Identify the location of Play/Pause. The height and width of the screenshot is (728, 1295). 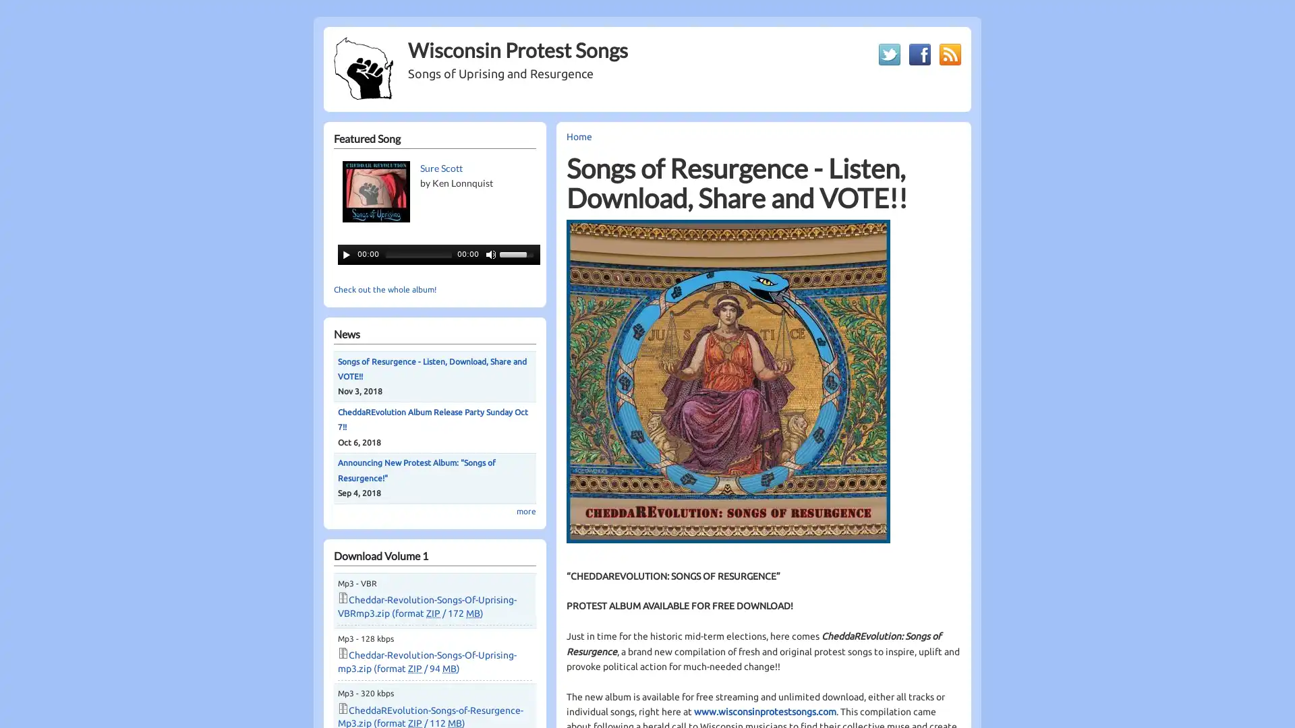
(346, 254).